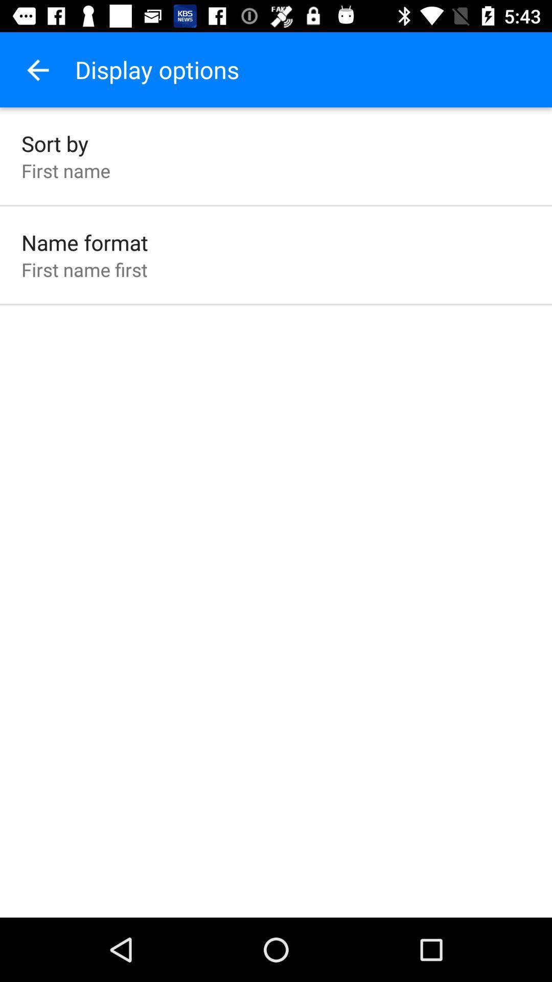 Image resolution: width=552 pixels, height=982 pixels. Describe the element at coordinates (37, 69) in the screenshot. I see `item to the left of the display options item` at that location.